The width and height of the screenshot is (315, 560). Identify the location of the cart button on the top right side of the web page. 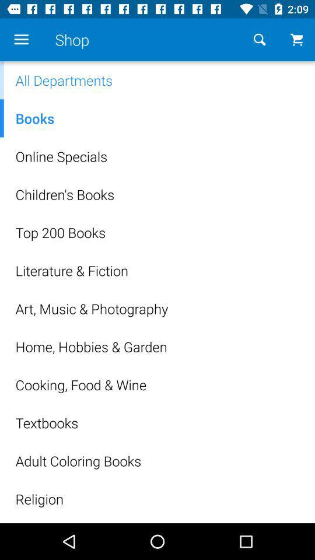
(296, 40).